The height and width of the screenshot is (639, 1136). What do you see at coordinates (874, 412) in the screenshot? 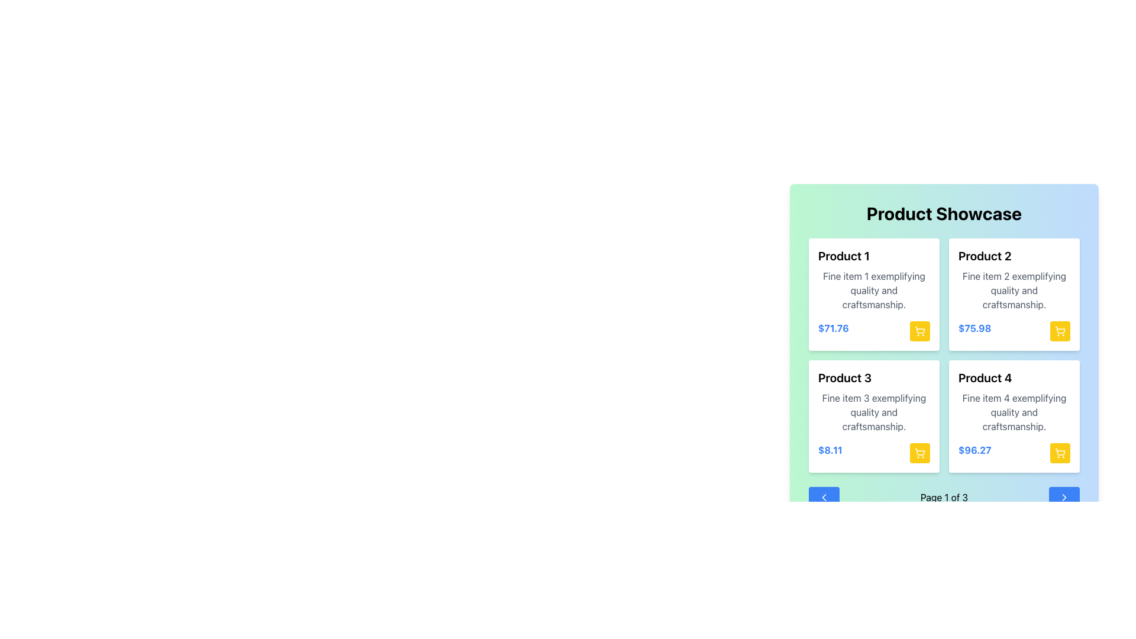
I see `the Text Display element providing a description of 'Product 3' located in the third card of a 2x2 grid layout, situated below the title and above the price and action button` at bounding box center [874, 412].